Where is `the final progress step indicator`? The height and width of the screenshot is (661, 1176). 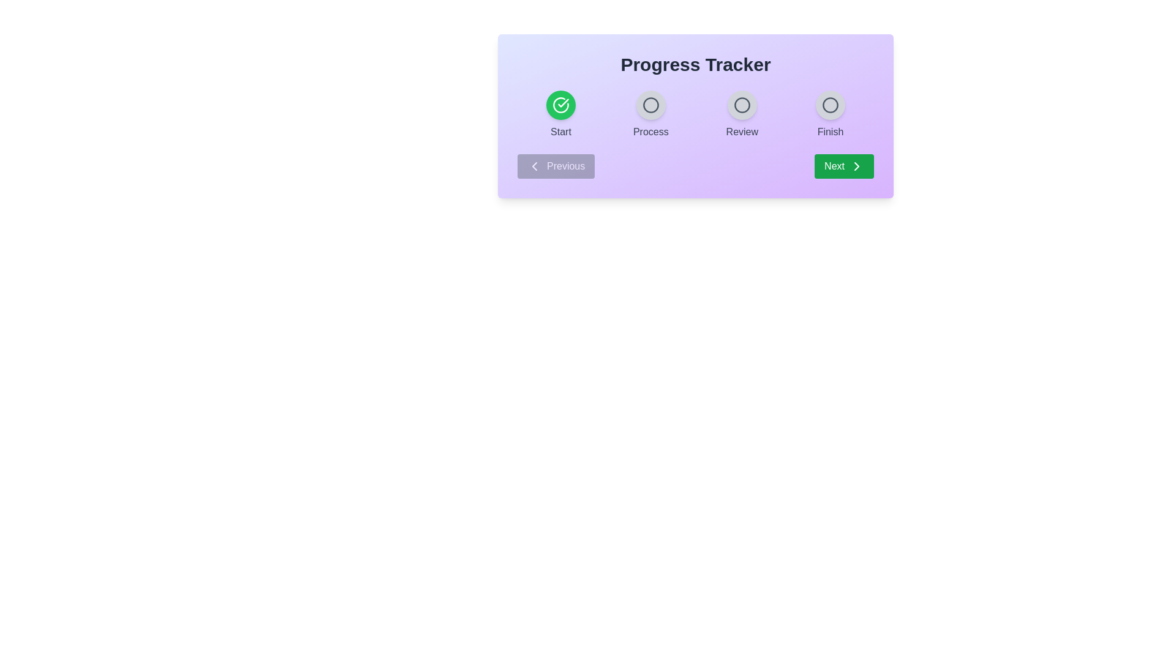 the final progress step indicator is located at coordinates (830, 115).